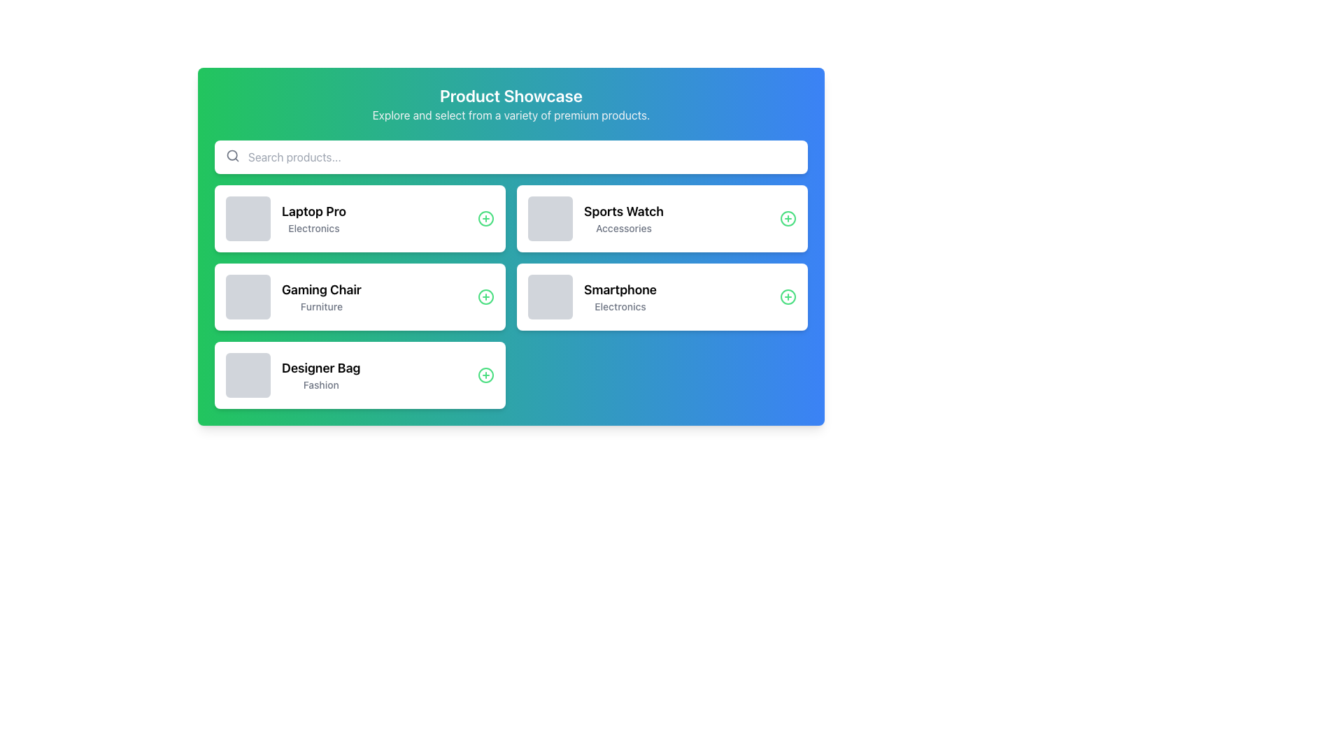 Image resolution: width=1343 pixels, height=755 pixels. What do you see at coordinates (550, 296) in the screenshot?
I see `the image placeholder representing 'Smartphone' located in the third column and second row of the product display grid` at bounding box center [550, 296].